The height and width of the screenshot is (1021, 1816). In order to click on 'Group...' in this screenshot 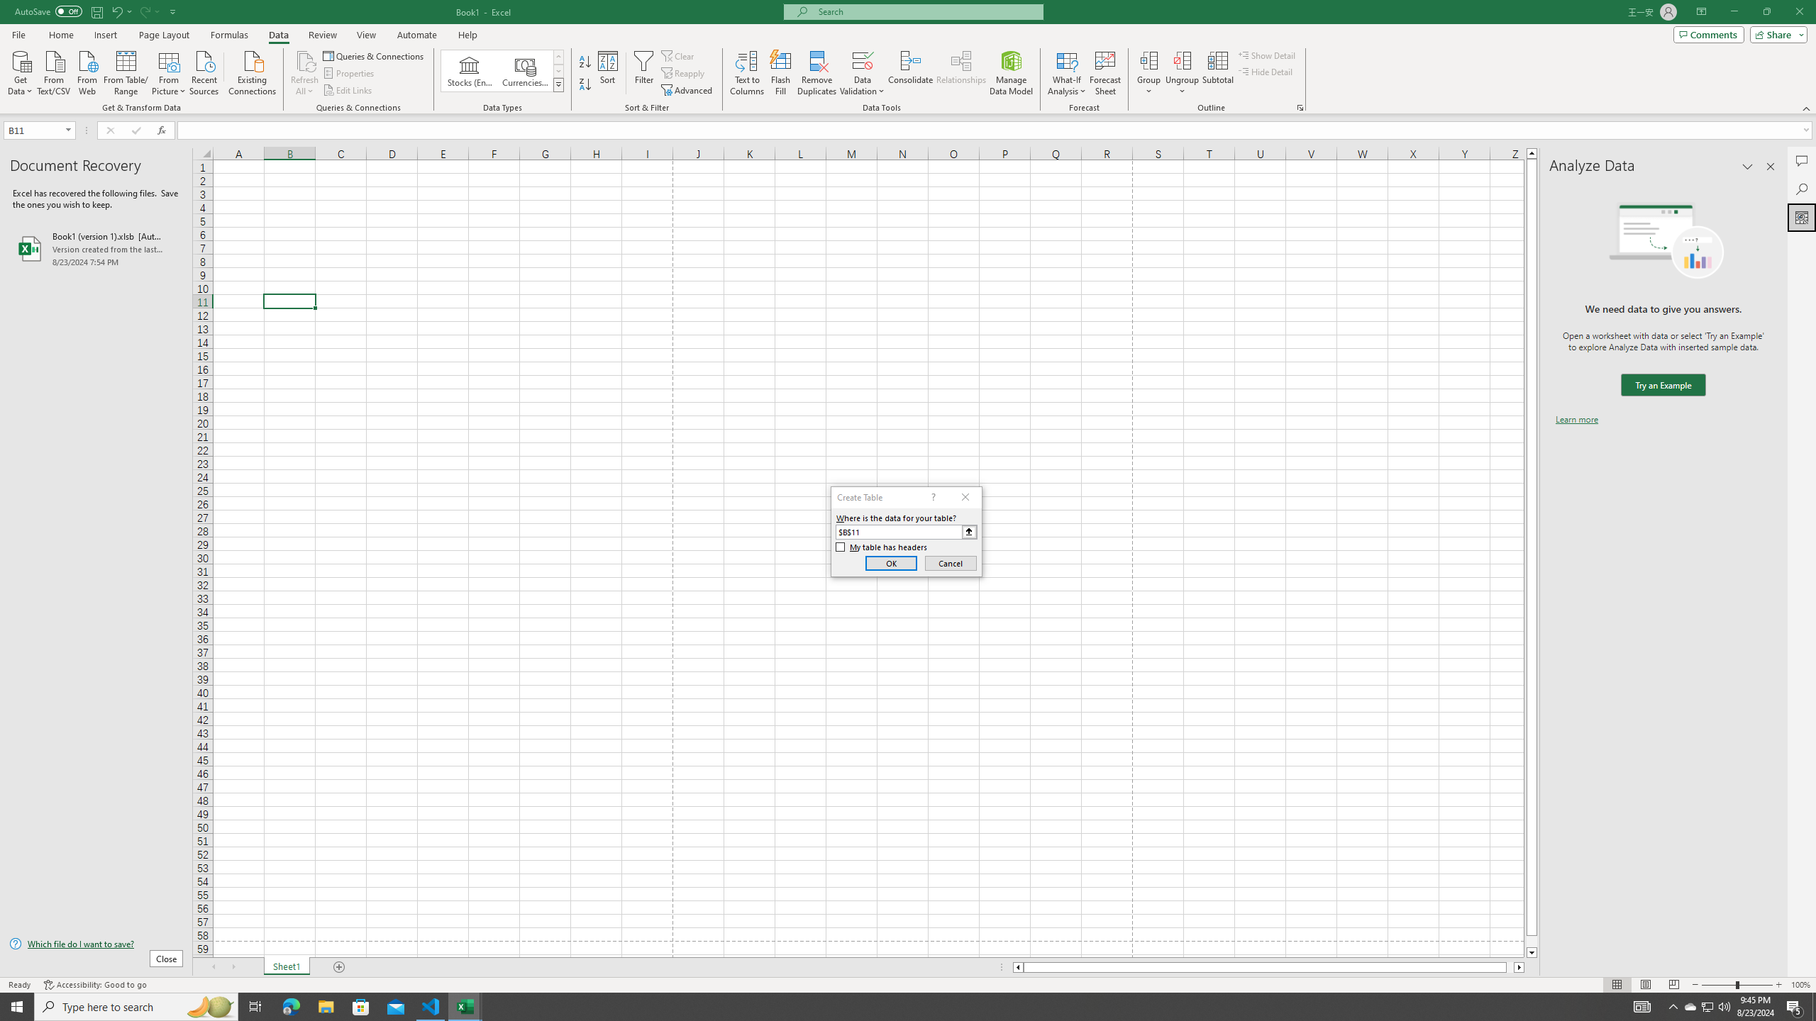, I will do `click(1148, 73)`.